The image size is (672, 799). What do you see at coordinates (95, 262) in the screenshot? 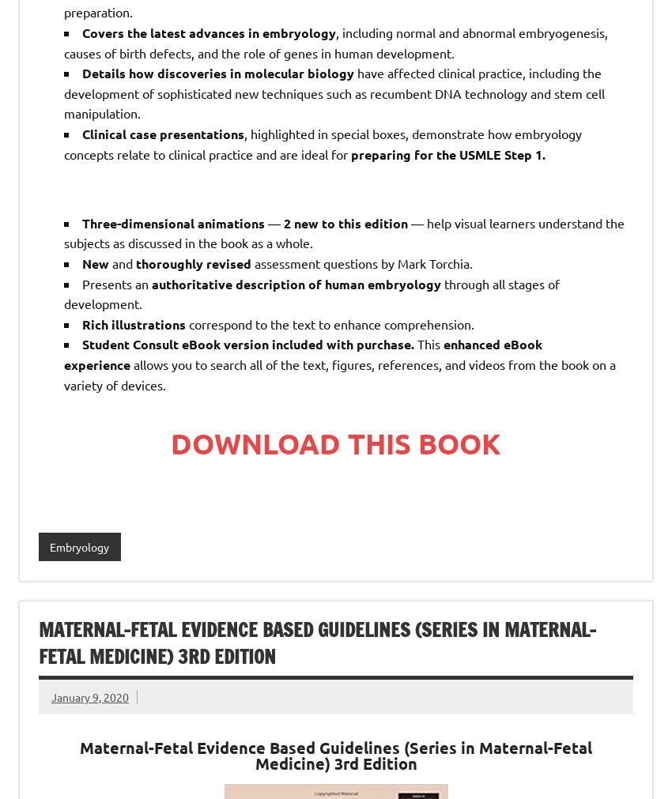
I see `'New'` at bounding box center [95, 262].